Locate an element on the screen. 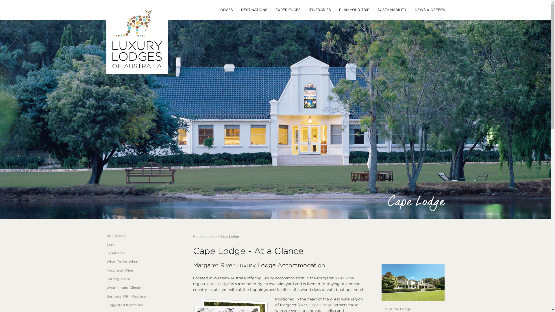  'Getting There' is located at coordinates (106, 278).